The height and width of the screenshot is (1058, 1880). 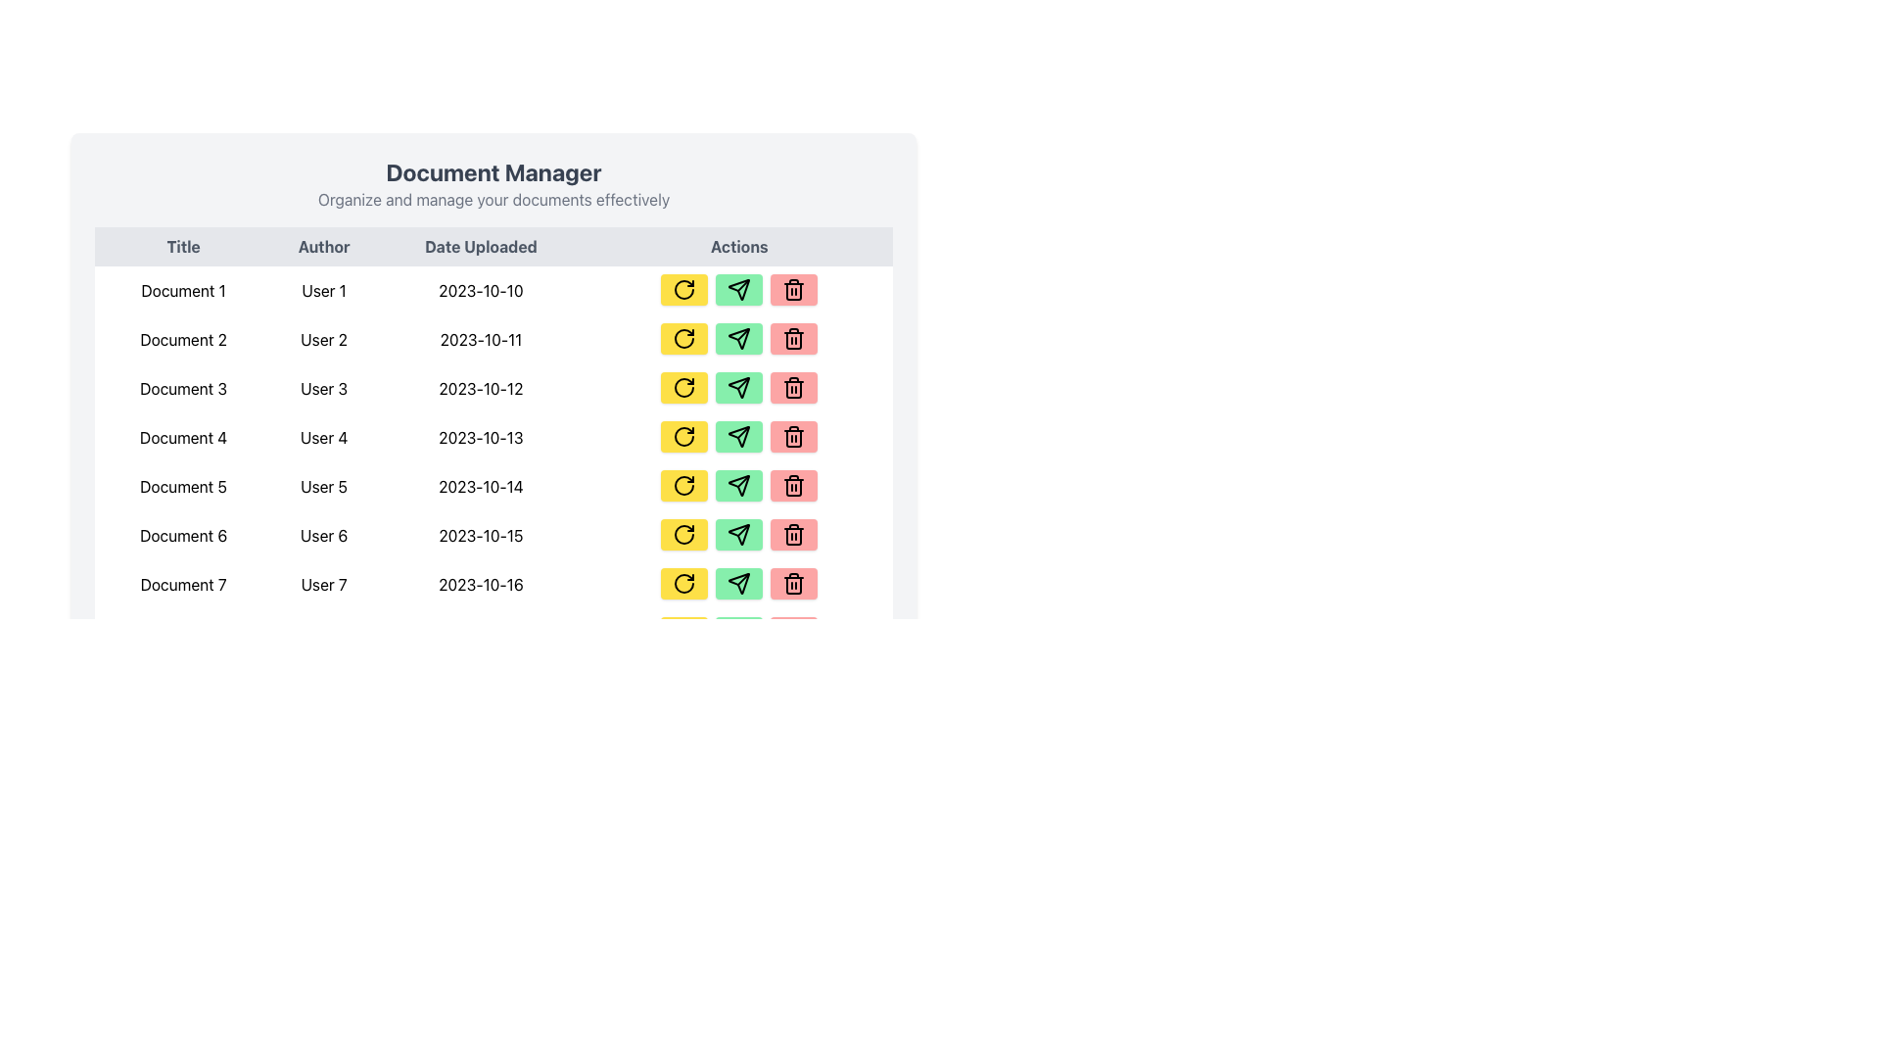 I want to click on the 'Send' button located in the 'Actions' column of the last row of the table, positioned between the 'Refresh' and 'Delete' buttons, so click(x=738, y=583).